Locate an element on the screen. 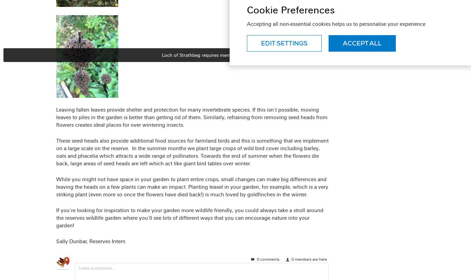 The image size is (471, 279). 'Leave a comment...' is located at coordinates (78, 268).